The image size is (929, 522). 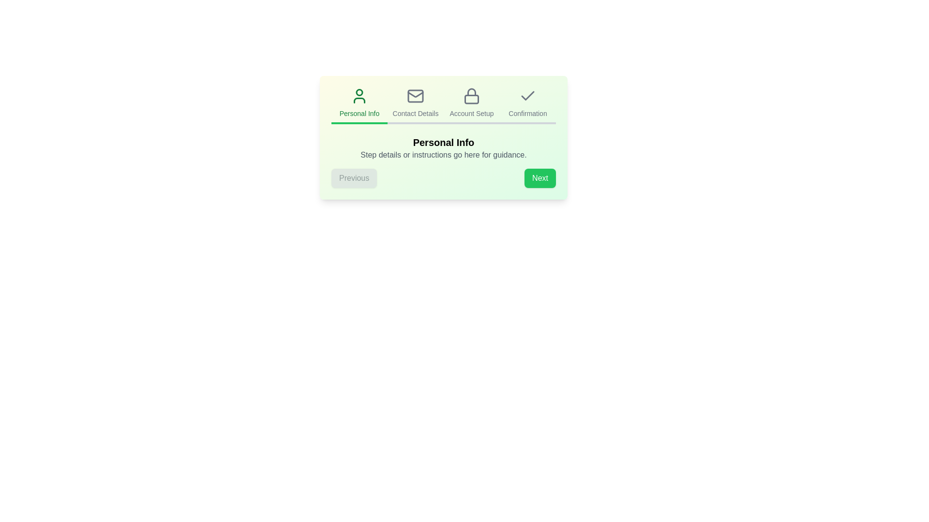 What do you see at coordinates (539, 178) in the screenshot?
I see `the 'Next' button to proceed to the next step` at bounding box center [539, 178].